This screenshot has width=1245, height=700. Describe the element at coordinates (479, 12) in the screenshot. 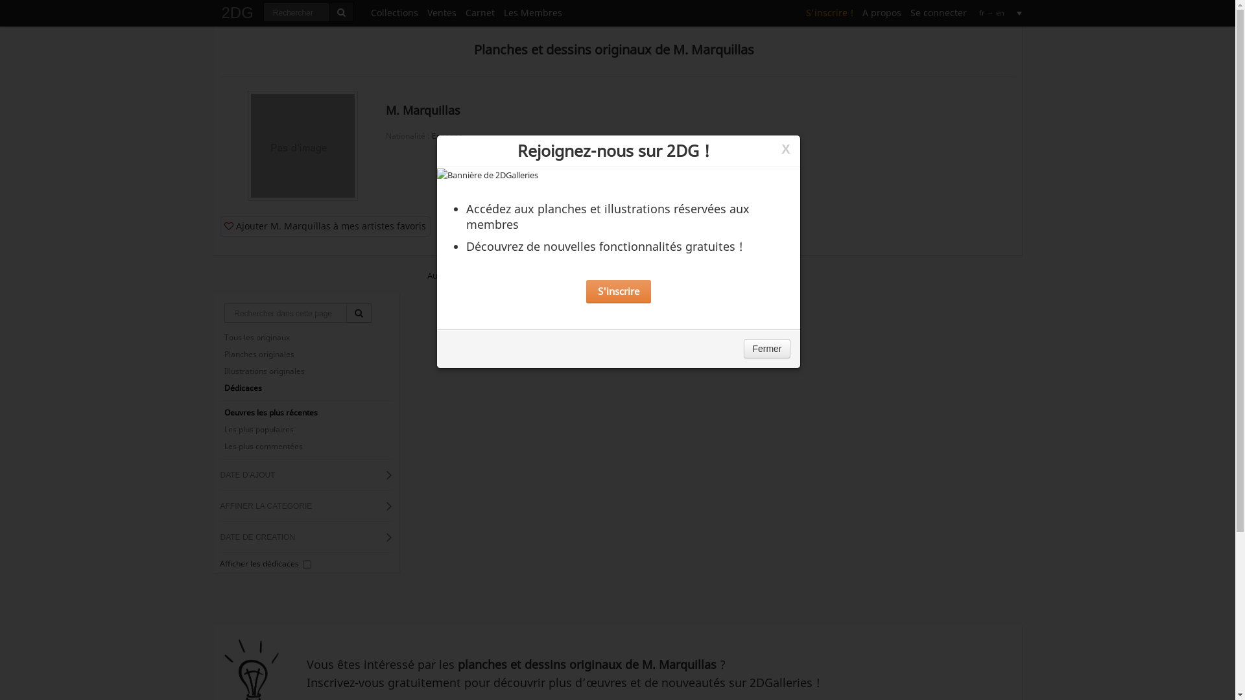

I see `'Carnet'` at that location.